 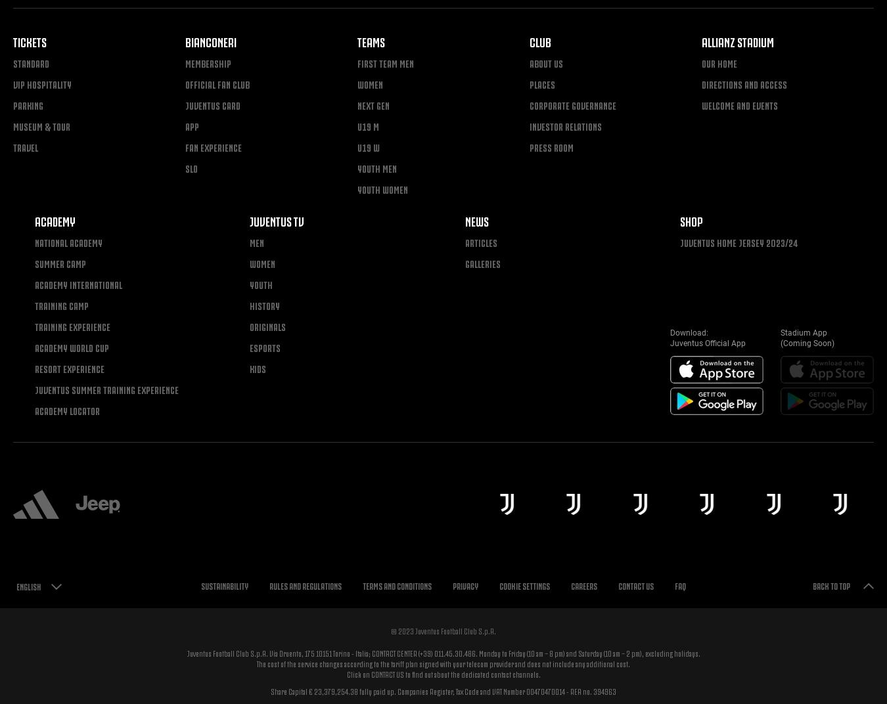 What do you see at coordinates (191, 125) in the screenshot?
I see `'App'` at bounding box center [191, 125].